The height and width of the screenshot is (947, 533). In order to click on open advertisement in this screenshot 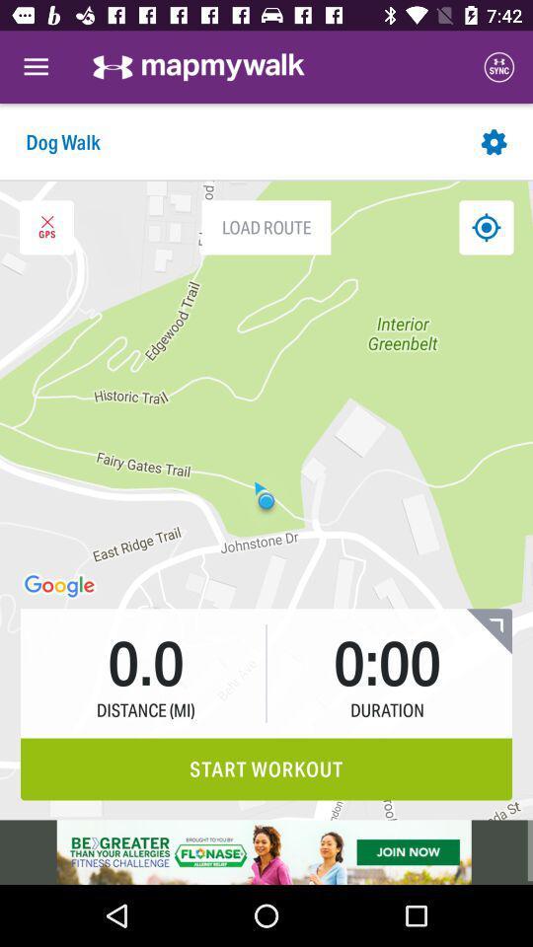, I will do `click(266, 851)`.